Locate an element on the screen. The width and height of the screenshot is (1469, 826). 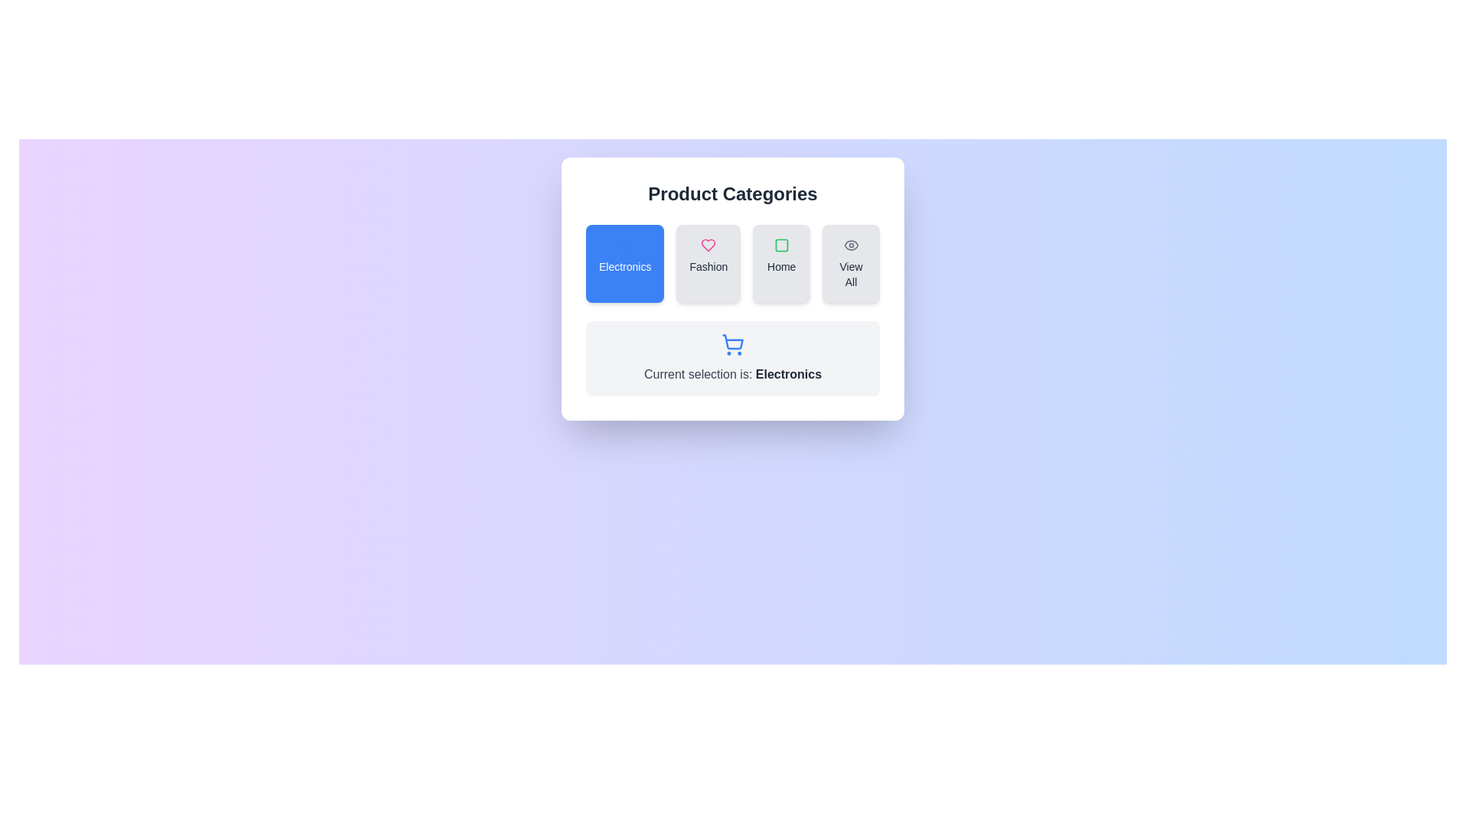
the Informational card displaying the text 'Current selection is: Electronics' with a blue shopping cart icon at the top is located at coordinates (732, 359).